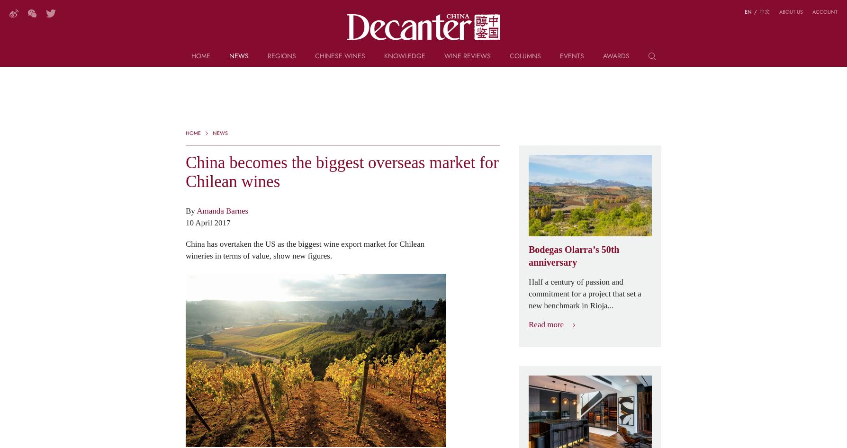 The image size is (847, 448). I want to click on 'News', so click(238, 55).